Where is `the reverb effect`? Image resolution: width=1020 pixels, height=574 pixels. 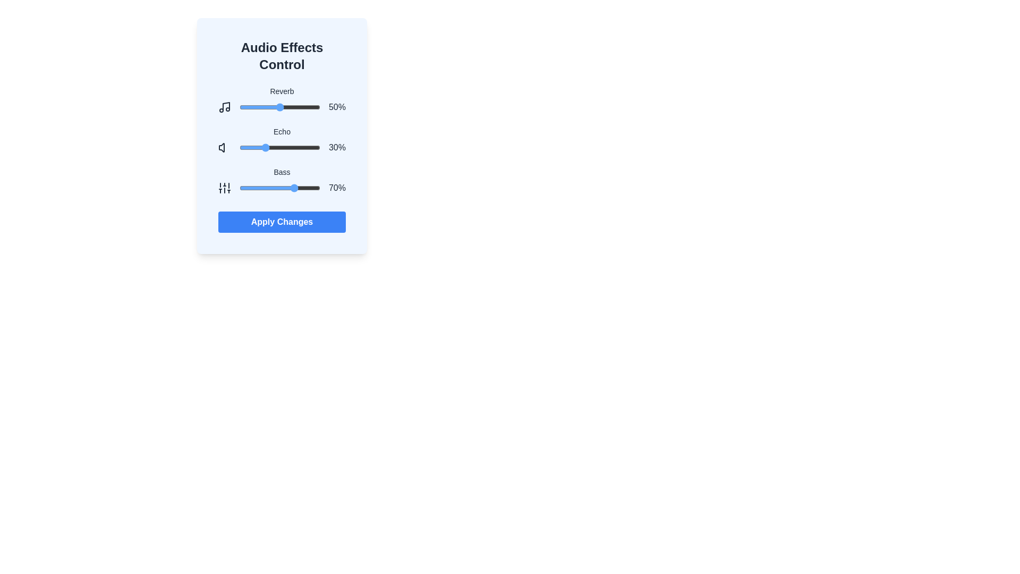
the reverb effect is located at coordinates (247, 107).